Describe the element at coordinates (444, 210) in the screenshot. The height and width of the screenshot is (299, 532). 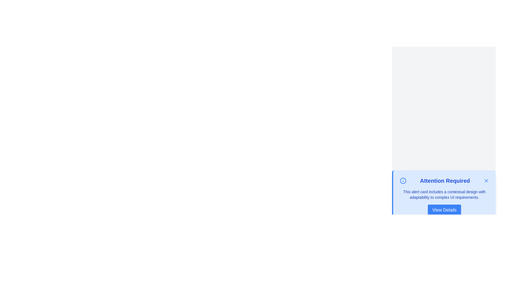
I see `the button located at the bottom center of the alert card labeled 'Attention Required' to see any accessibility rings or indicators` at that location.